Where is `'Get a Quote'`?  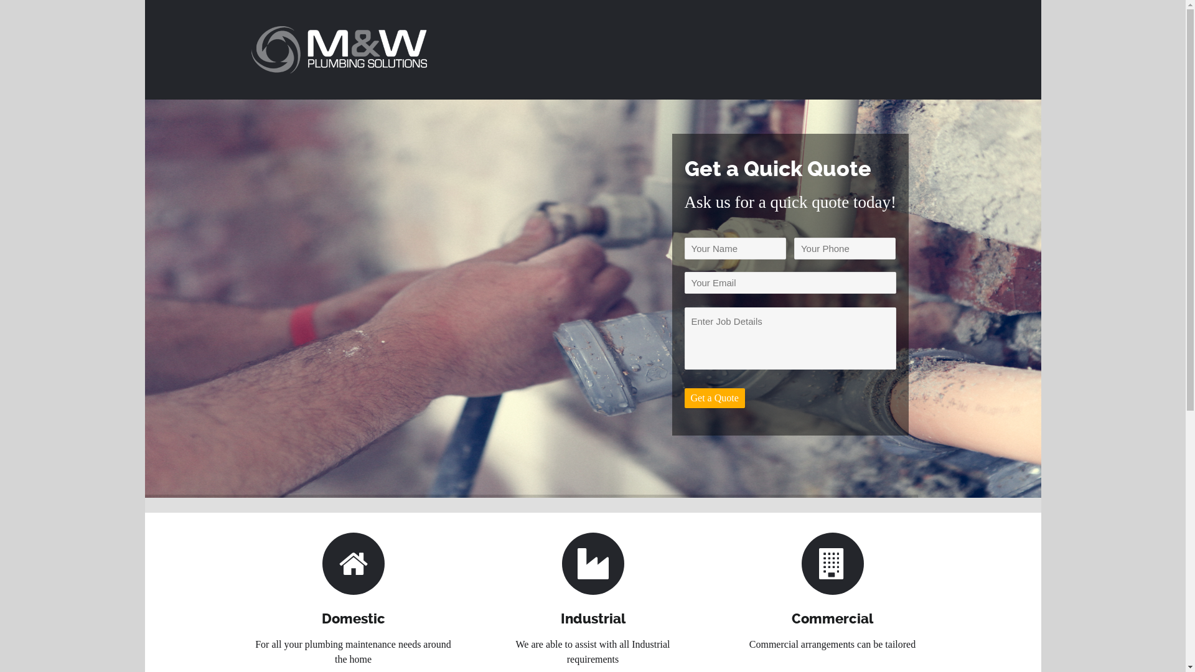
'Get a Quote' is located at coordinates (683, 398).